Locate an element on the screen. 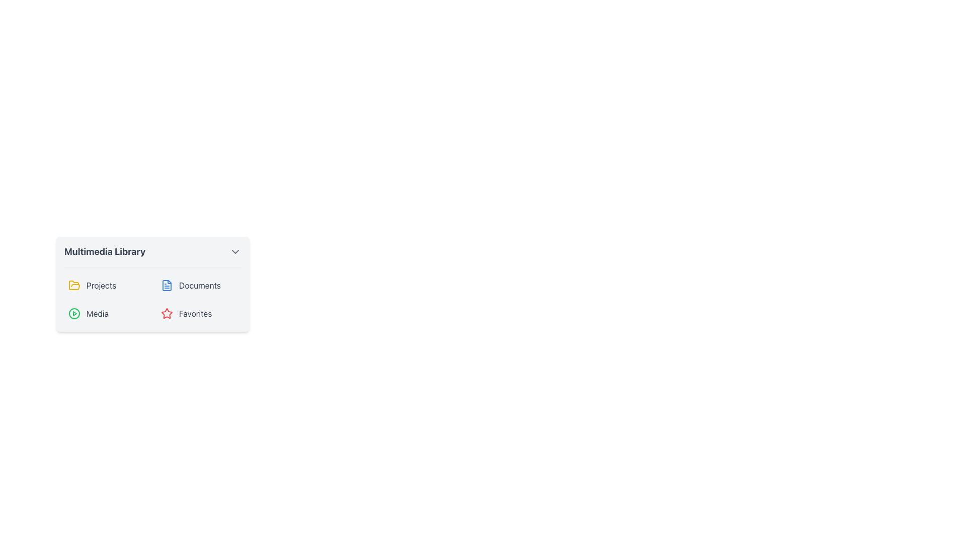 The height and width of the screenshot is (543, 966). the 'Documents' button, which features a blue document icon and gray text is located at coordinates (199, 285).